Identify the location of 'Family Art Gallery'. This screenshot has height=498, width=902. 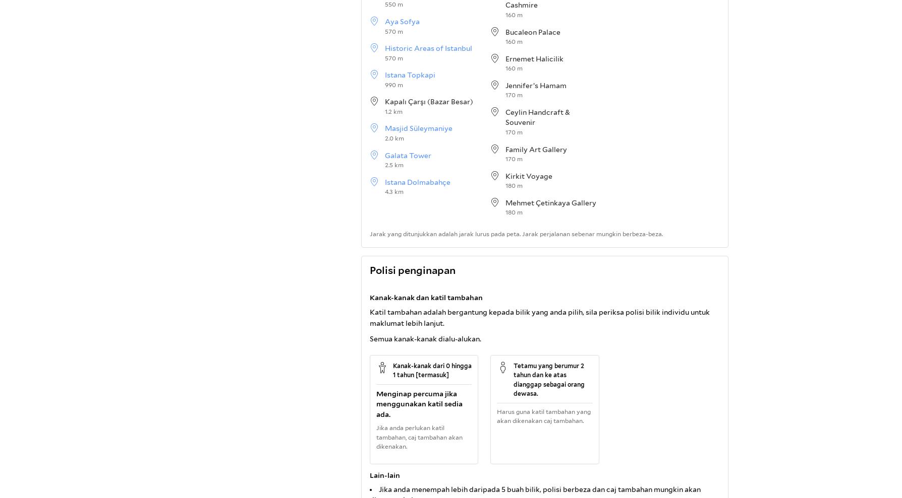
(536, 149).